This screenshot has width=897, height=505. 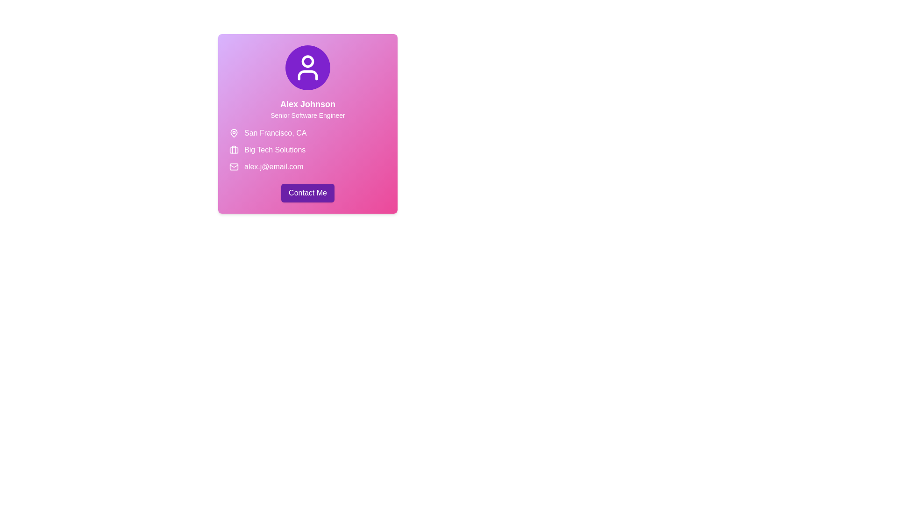 I want to click on the 'Contact Me' button, so click(x=307, y=192).